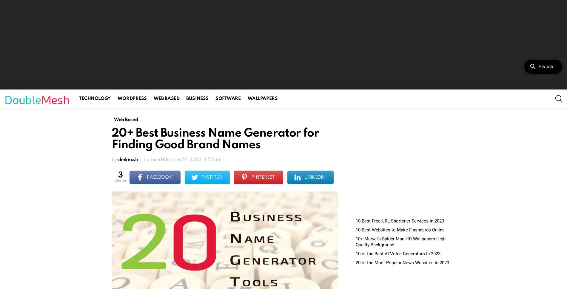  What do you see at coordinates (400, 230) in the screenshot?
I see `'10 Best Websites to Make Flashcards Online'` at bounding box center [400, 230].